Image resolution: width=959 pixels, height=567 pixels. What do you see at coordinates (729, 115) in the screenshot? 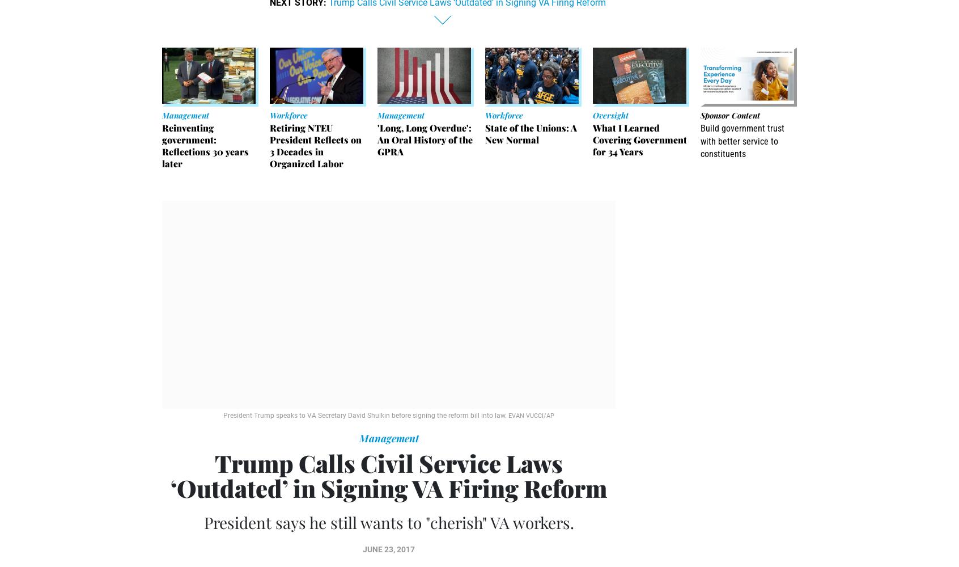
I see `'sponsor content'` at bounding box center [729, 115].